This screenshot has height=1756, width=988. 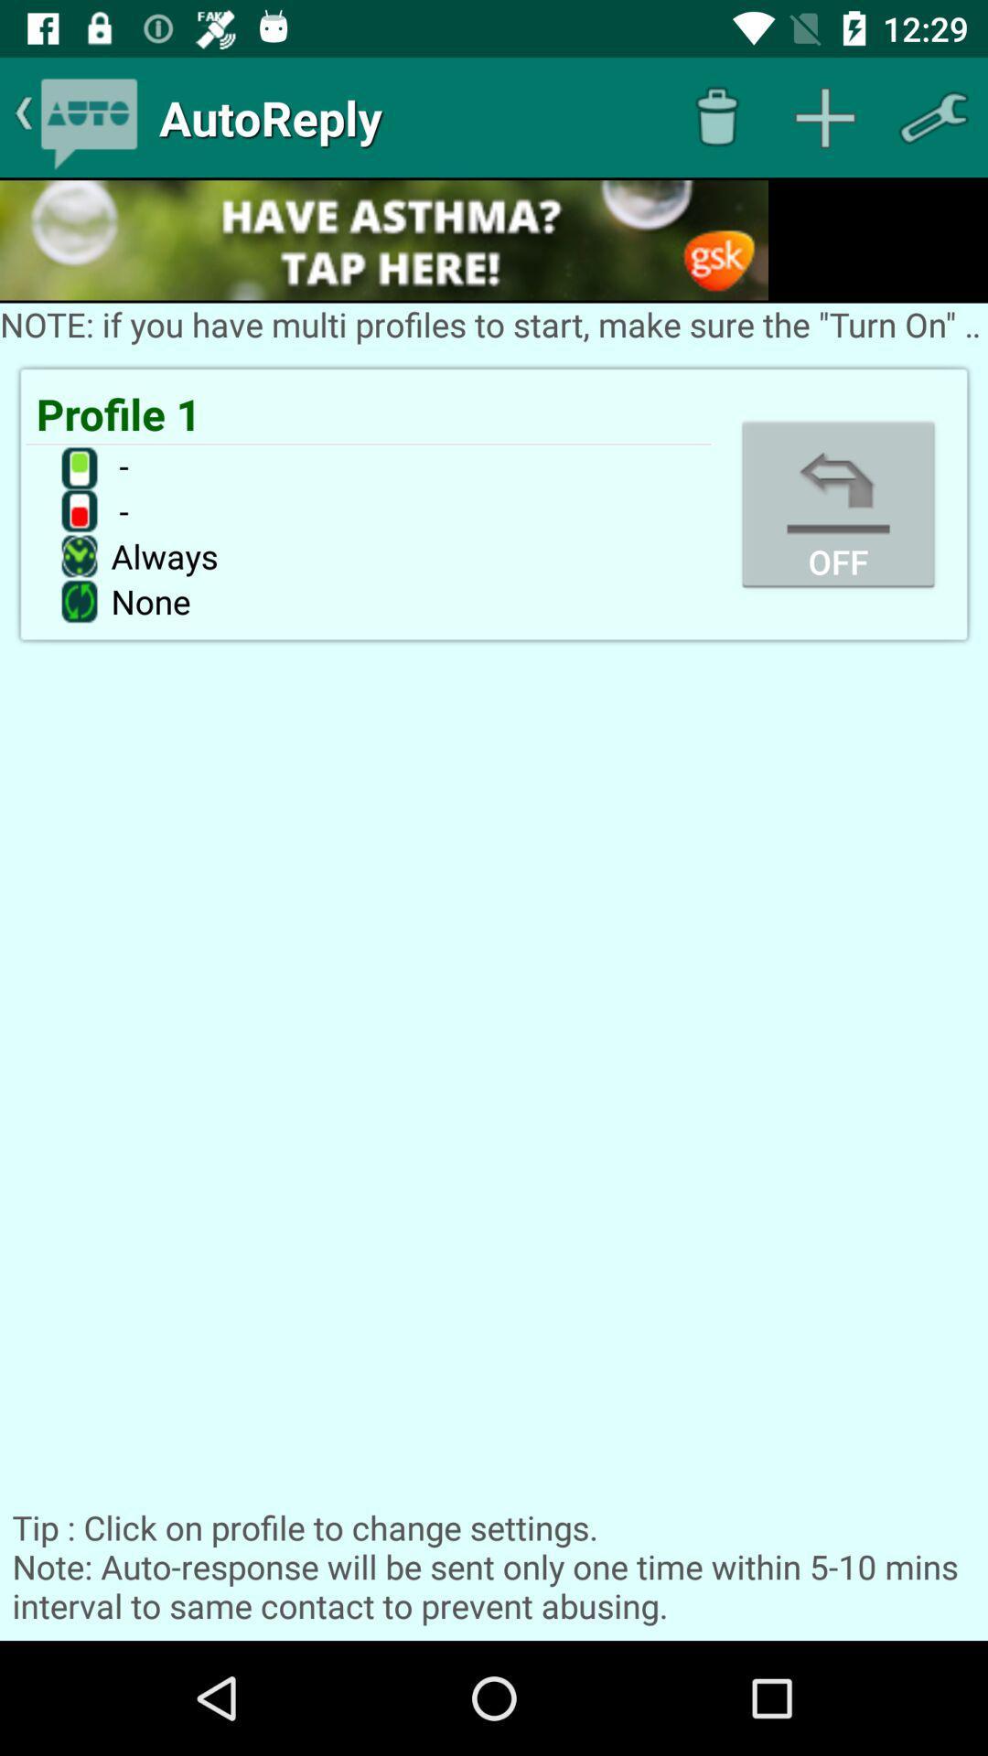 I want to click on its an advertisement, so click(x=383, y=239).